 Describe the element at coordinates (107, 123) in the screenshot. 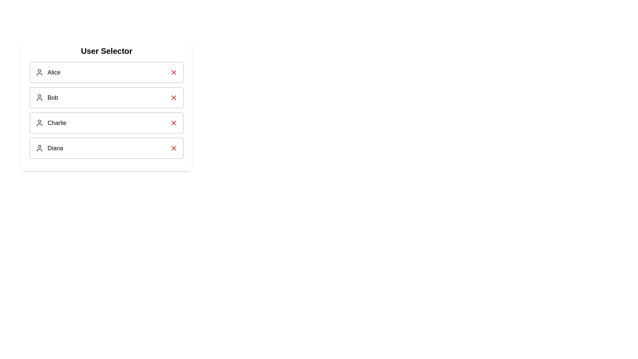

I see `the user Charlie by clicking on their entry` at that location.